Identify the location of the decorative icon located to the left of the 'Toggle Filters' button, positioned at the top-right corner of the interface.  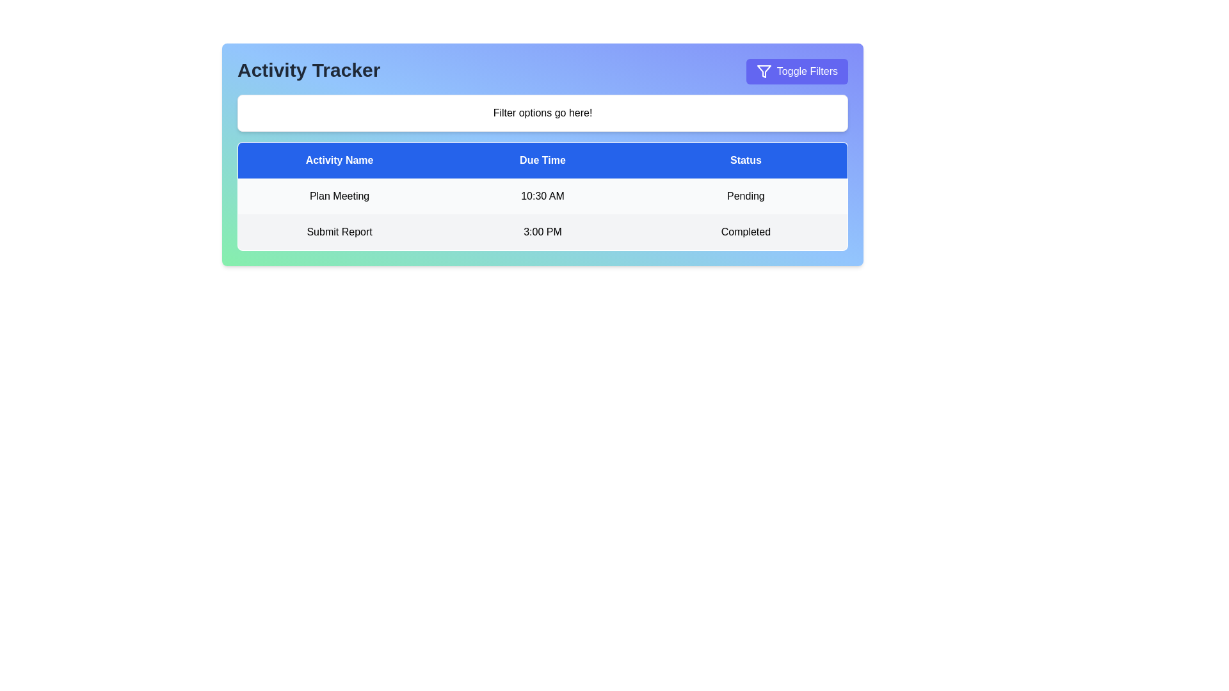
(764, 71).